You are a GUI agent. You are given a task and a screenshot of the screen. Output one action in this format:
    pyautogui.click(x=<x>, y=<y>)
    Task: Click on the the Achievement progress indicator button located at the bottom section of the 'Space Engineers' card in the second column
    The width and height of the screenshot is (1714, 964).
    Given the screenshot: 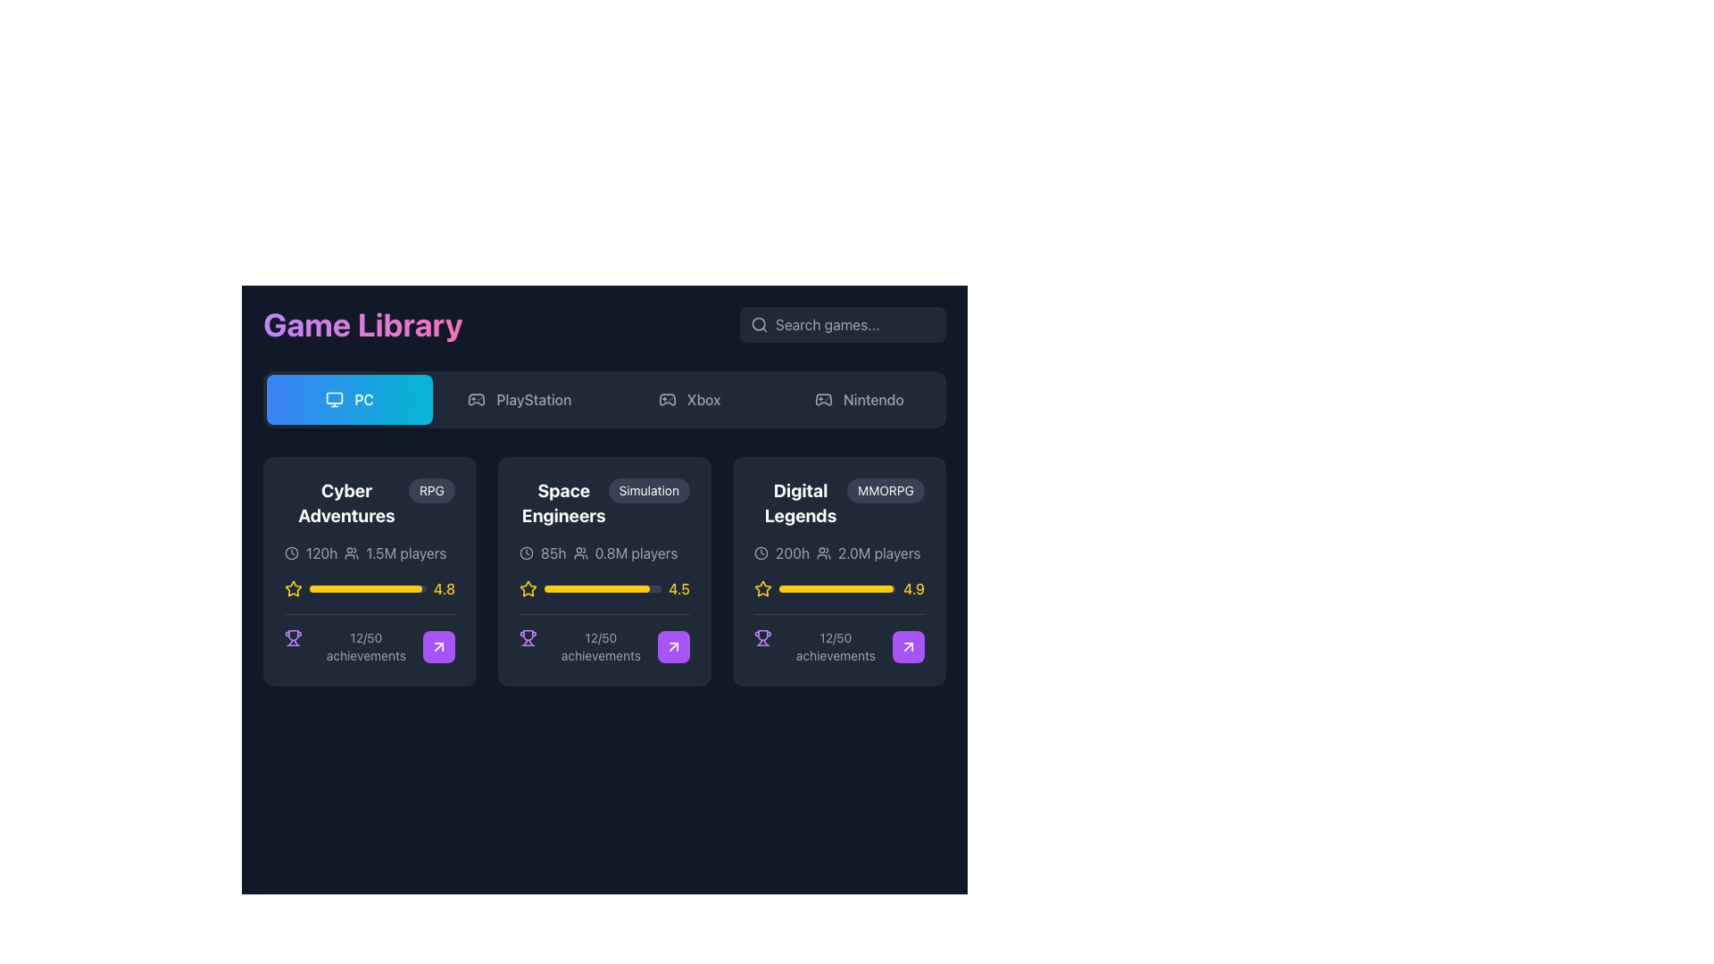 What is the action you would take?
    pyautogui.click(x=604, y=638)
    